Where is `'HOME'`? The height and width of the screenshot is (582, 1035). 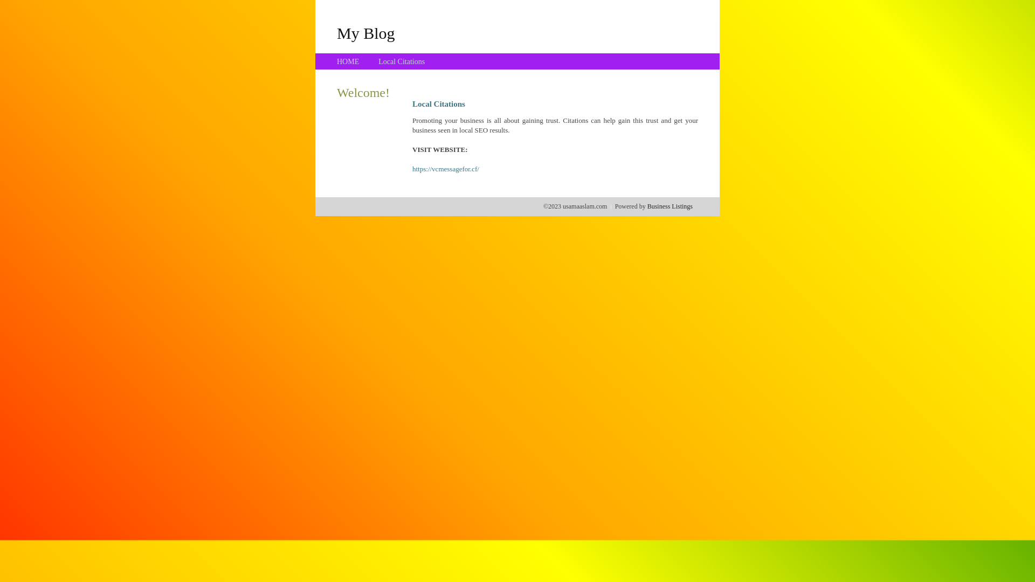 'HOME' is located at coordinates (348, 61).